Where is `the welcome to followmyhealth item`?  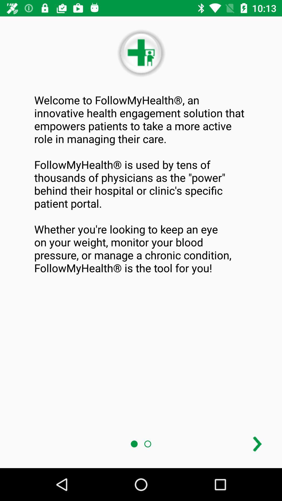 the welcome to followmyhealth item is located at coordinates (141, 184).